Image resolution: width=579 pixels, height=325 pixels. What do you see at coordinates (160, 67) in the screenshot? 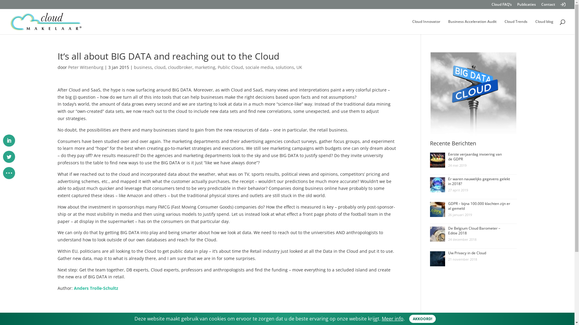
I see `'cloud'` at bounding box center [160, 67].